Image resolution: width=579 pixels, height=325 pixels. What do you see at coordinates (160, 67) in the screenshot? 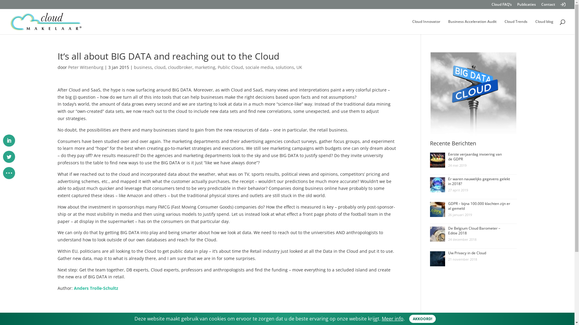
I see `'cloud'` at bounding box center [160, 67].